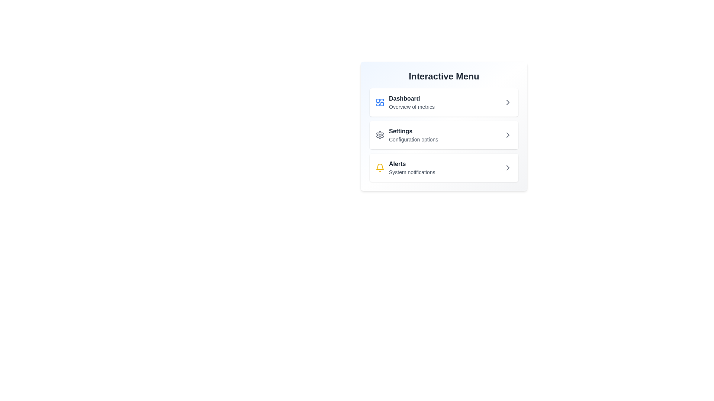 The image size is (714, 401). I want to click on the 'Dashboard' text label, which is the first item in a vertical list of options, styled with a bold dark gray font and accompanied by a description below it, so click(411, 102).